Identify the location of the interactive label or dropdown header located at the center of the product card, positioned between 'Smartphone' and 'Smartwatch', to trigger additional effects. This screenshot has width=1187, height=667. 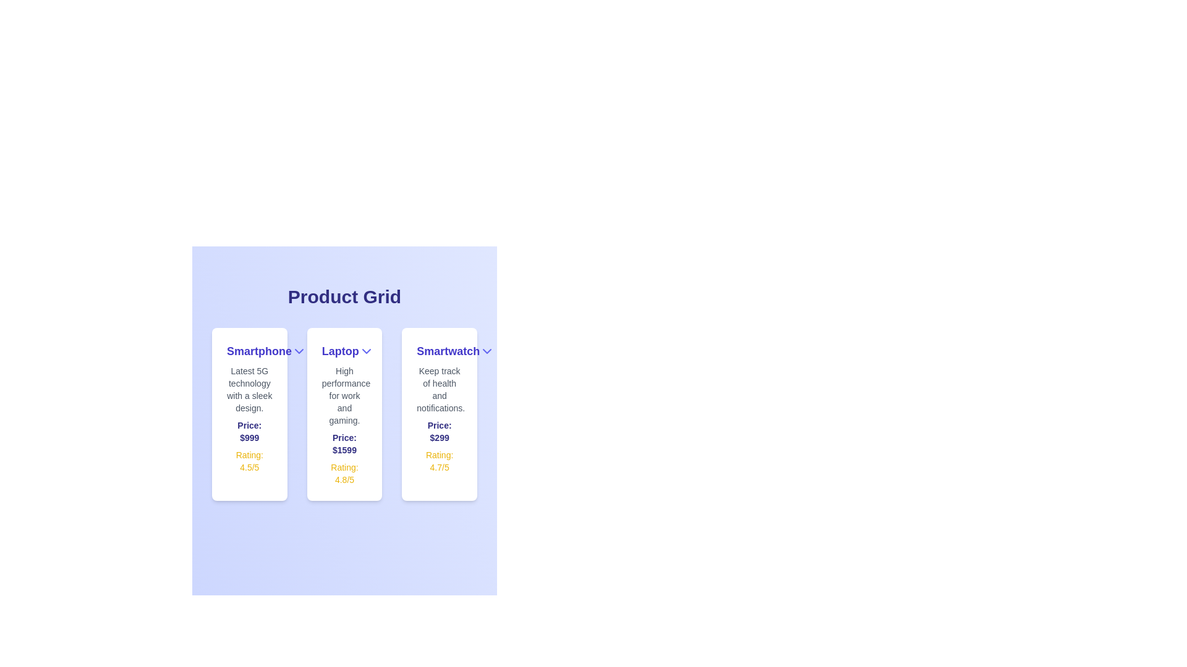
(344, 351).